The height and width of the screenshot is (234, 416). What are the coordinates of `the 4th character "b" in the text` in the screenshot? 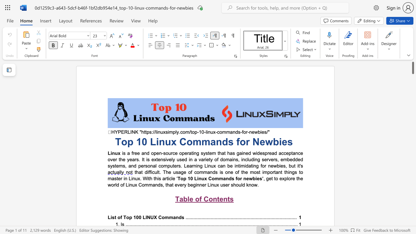 It's located at (290, 165).